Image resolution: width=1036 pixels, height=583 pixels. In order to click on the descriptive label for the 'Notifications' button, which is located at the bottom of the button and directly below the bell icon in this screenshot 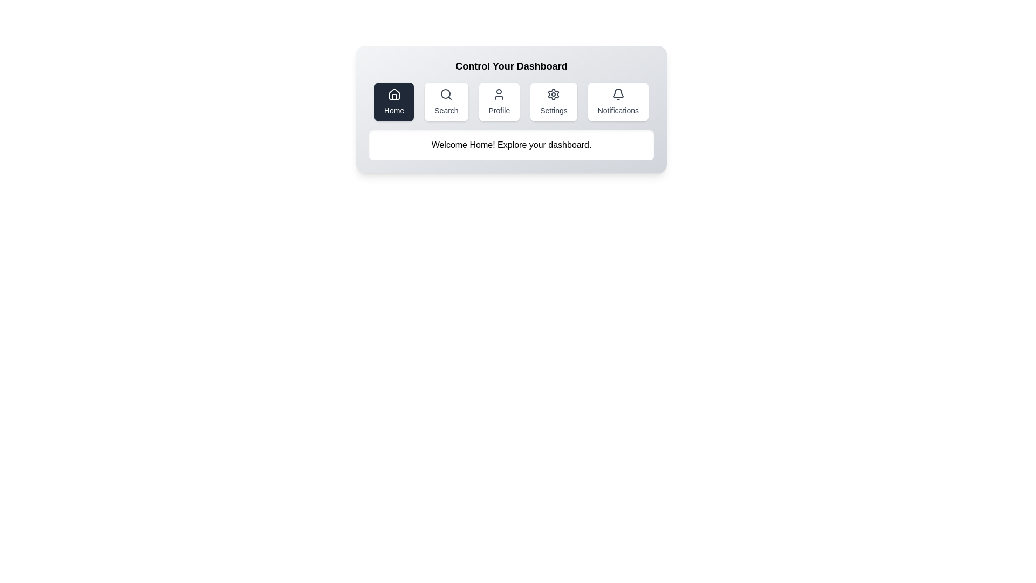, I will do `click(618, 110)`.